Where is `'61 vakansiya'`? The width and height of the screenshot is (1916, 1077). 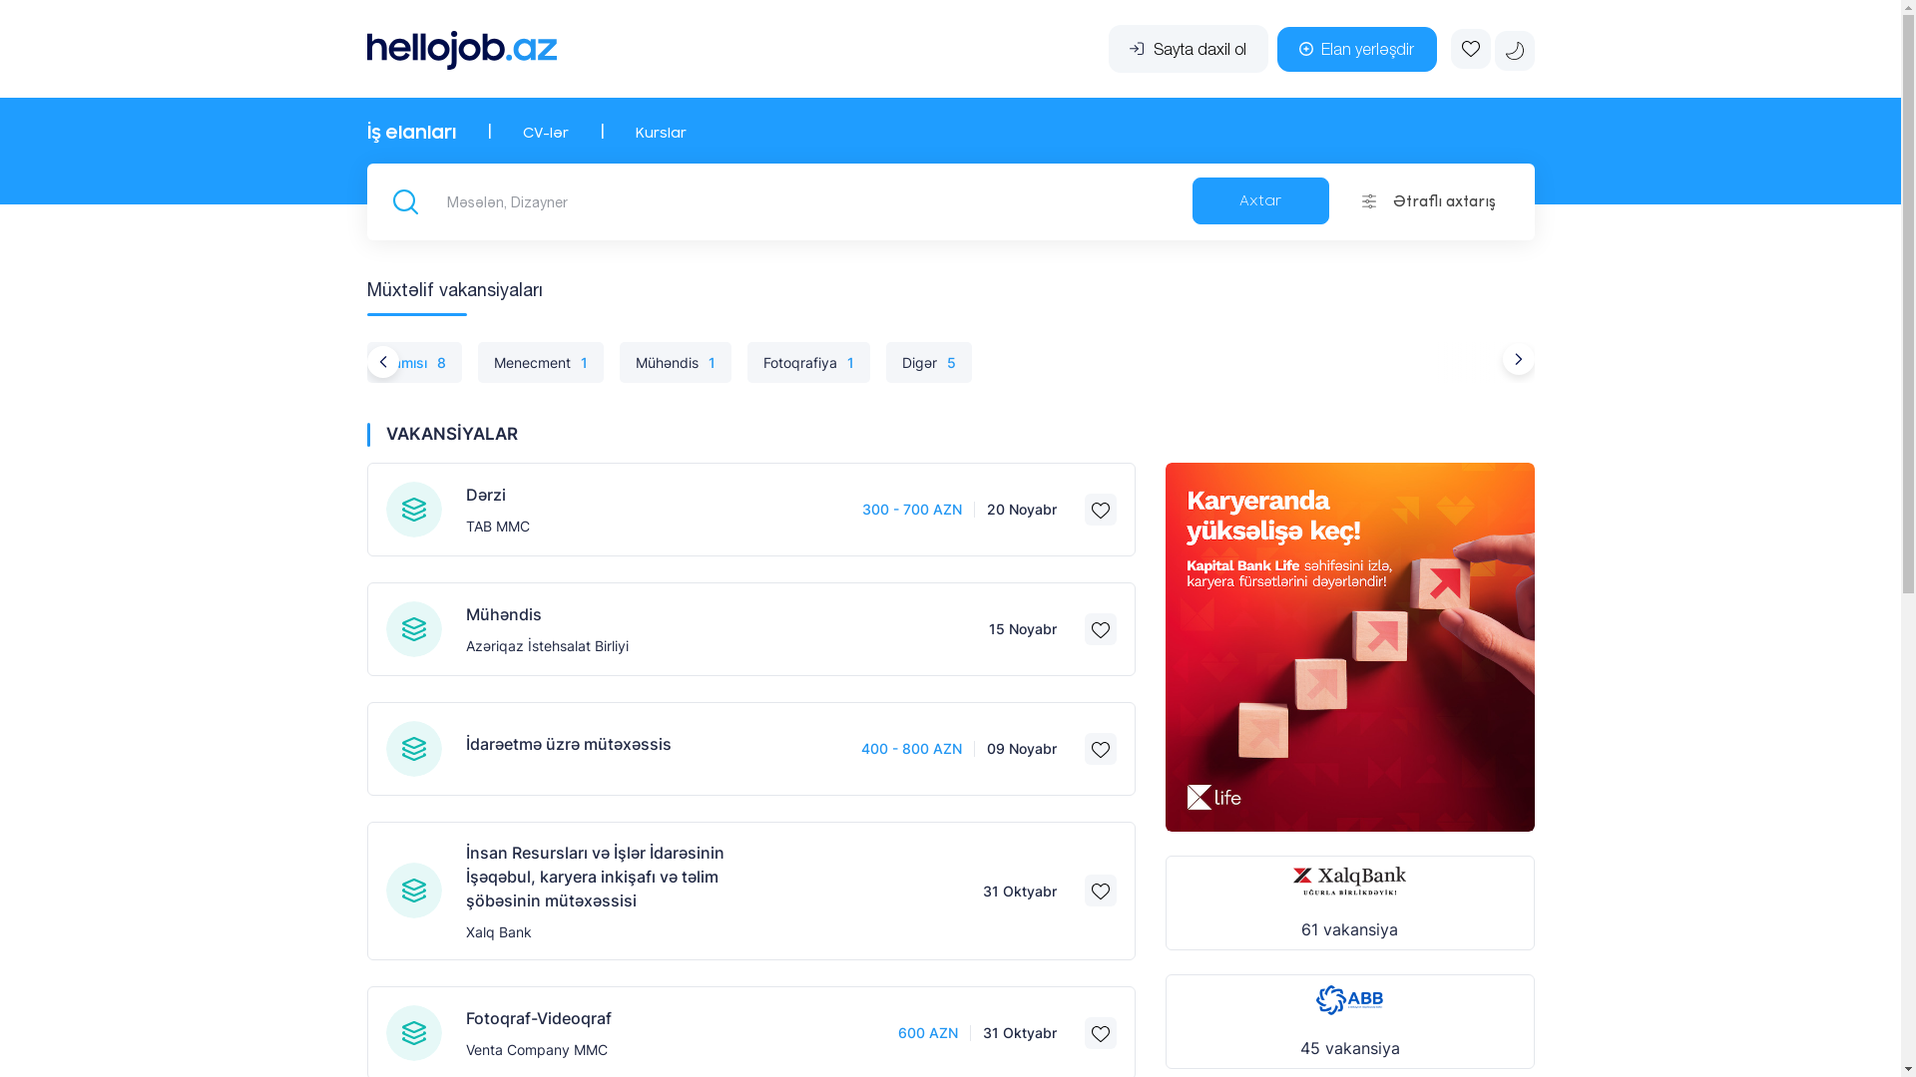 '61 vakansiya' is located at coordinates (1350, 902).